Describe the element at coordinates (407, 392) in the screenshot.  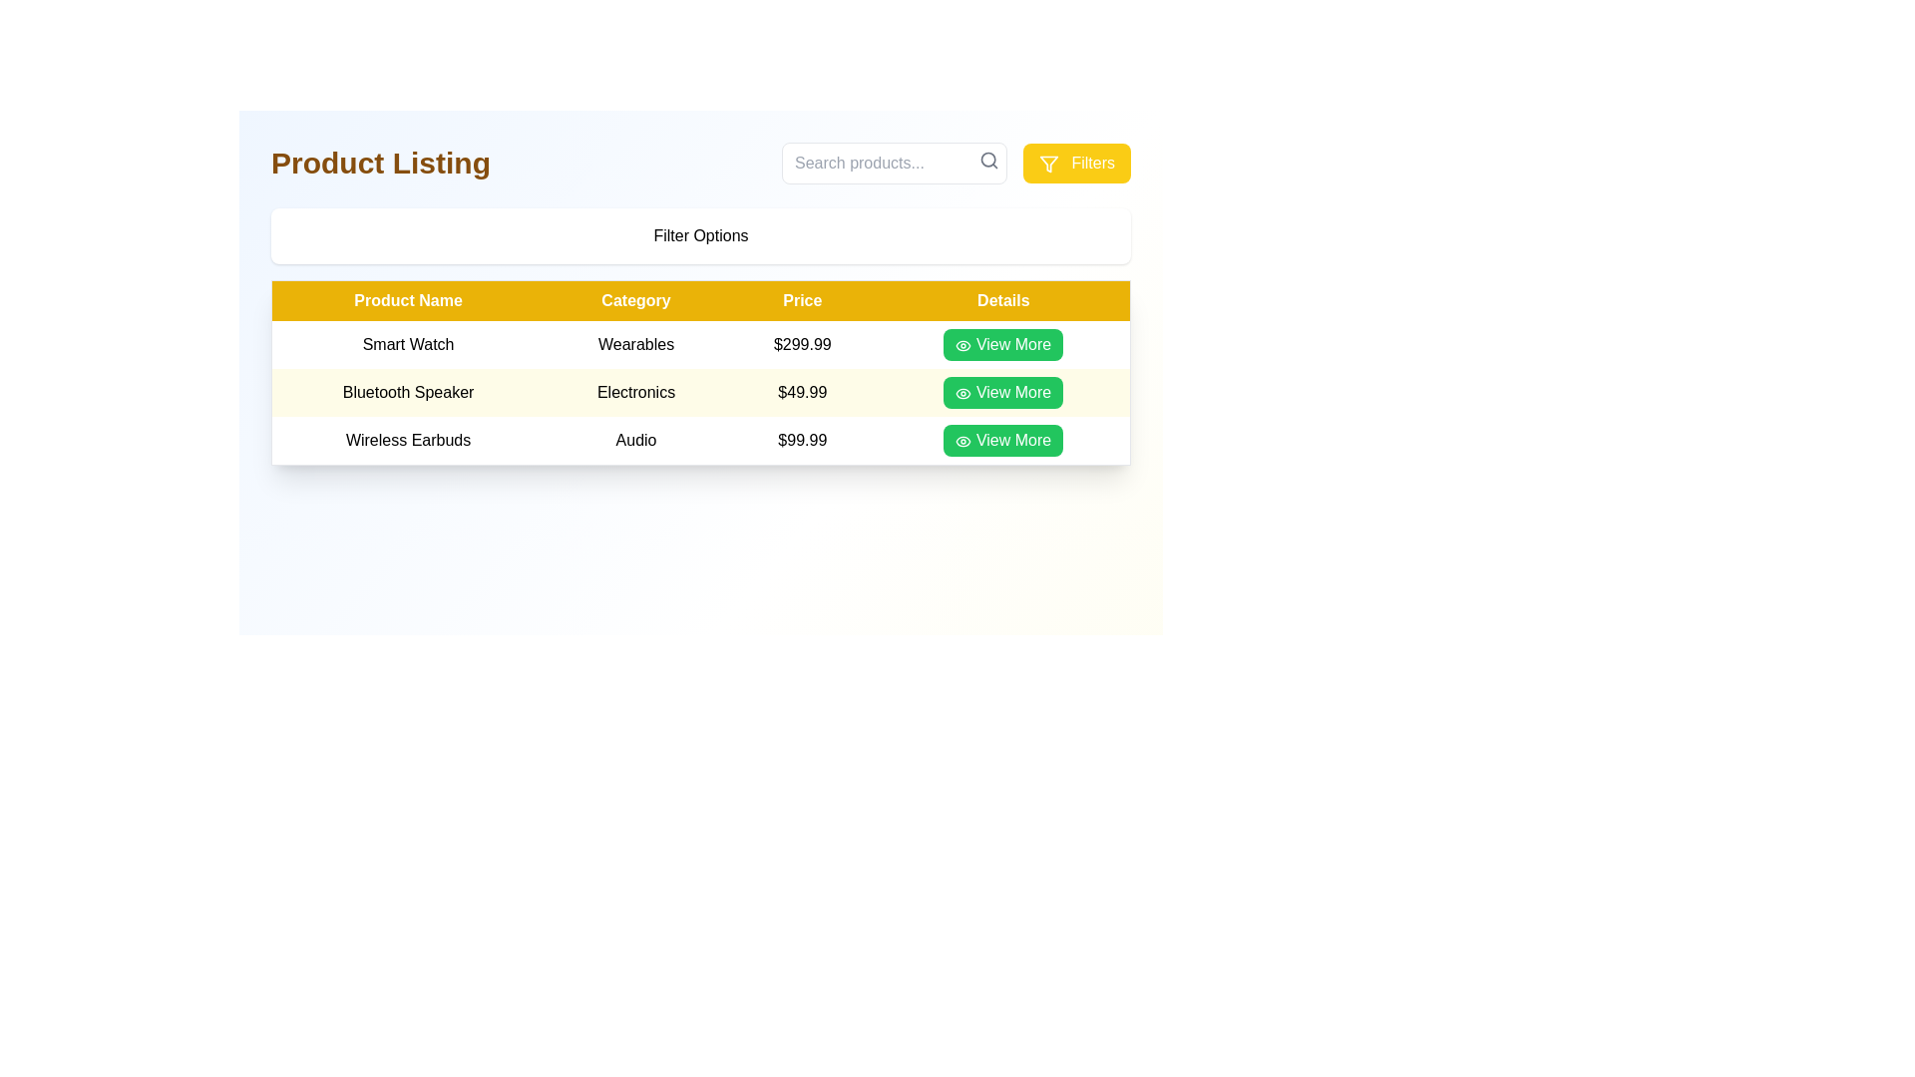
I see `the text label in the second row, first column of the product listing table that describes the product name, adjacent to the 'Electronics' category` at that location.